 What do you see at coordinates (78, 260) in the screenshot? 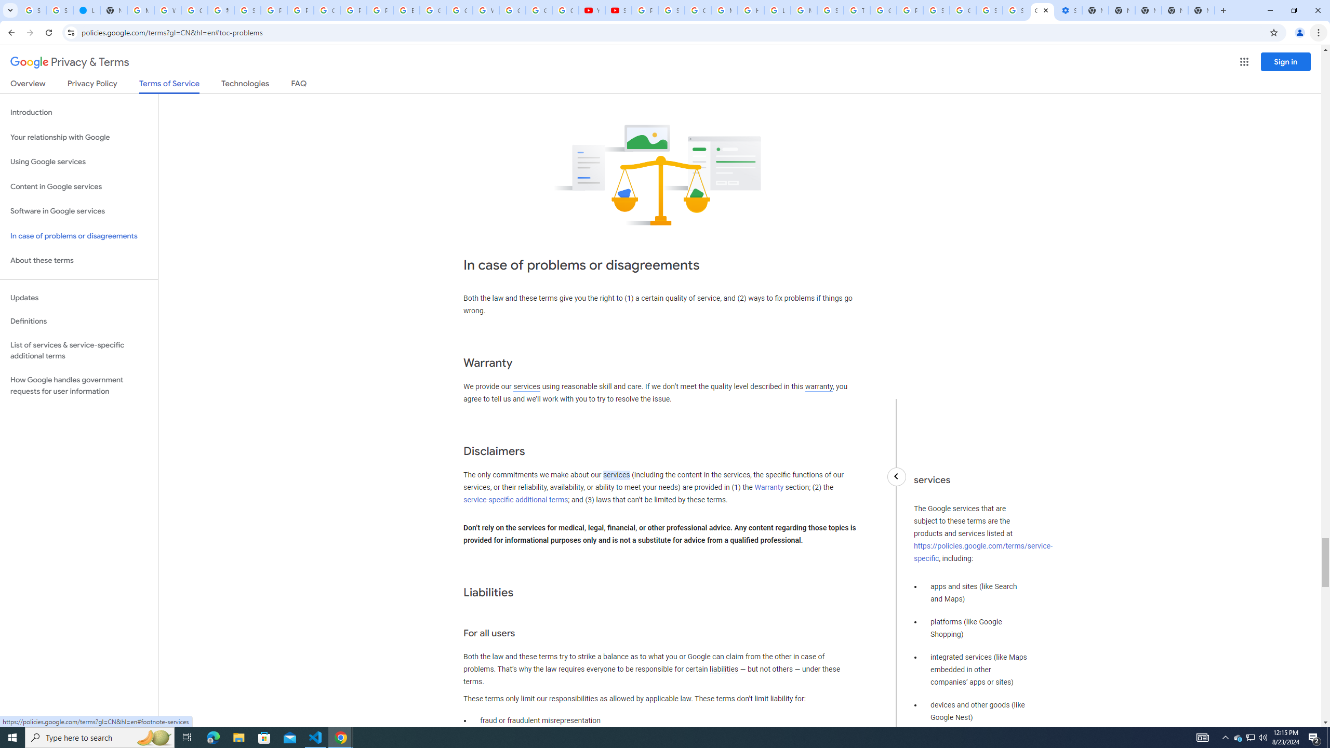
I see `'About these terms'` at bounding box center [78, 260].